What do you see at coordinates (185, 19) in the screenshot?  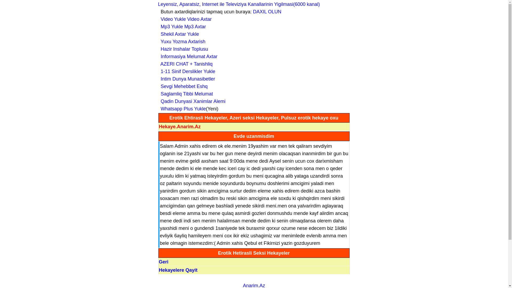 I see `'  Video Yukle Video Axtar'` at bounding box center [185, 19].